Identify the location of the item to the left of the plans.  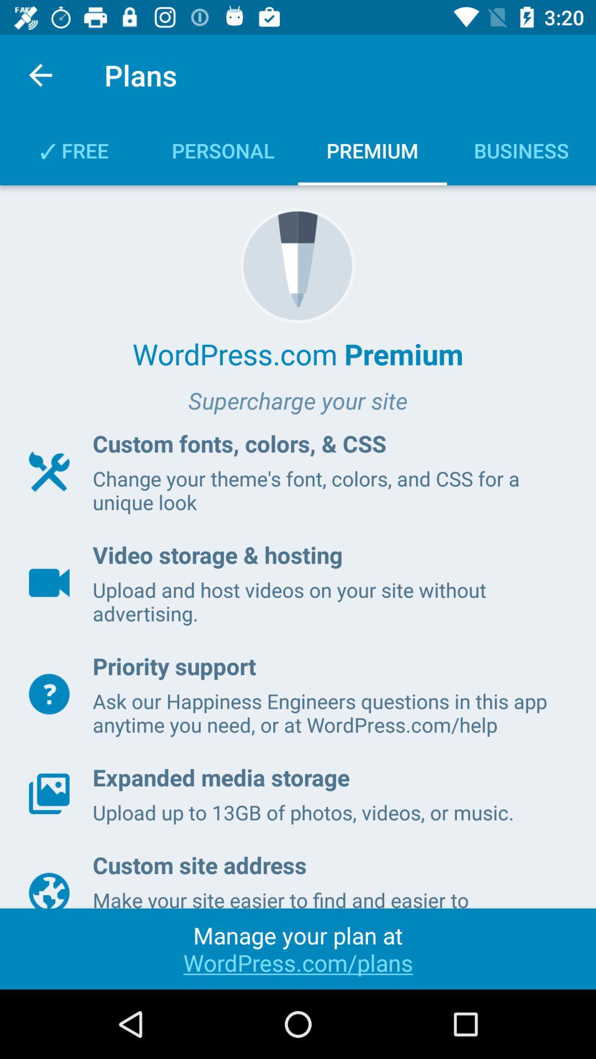
(40, 74).